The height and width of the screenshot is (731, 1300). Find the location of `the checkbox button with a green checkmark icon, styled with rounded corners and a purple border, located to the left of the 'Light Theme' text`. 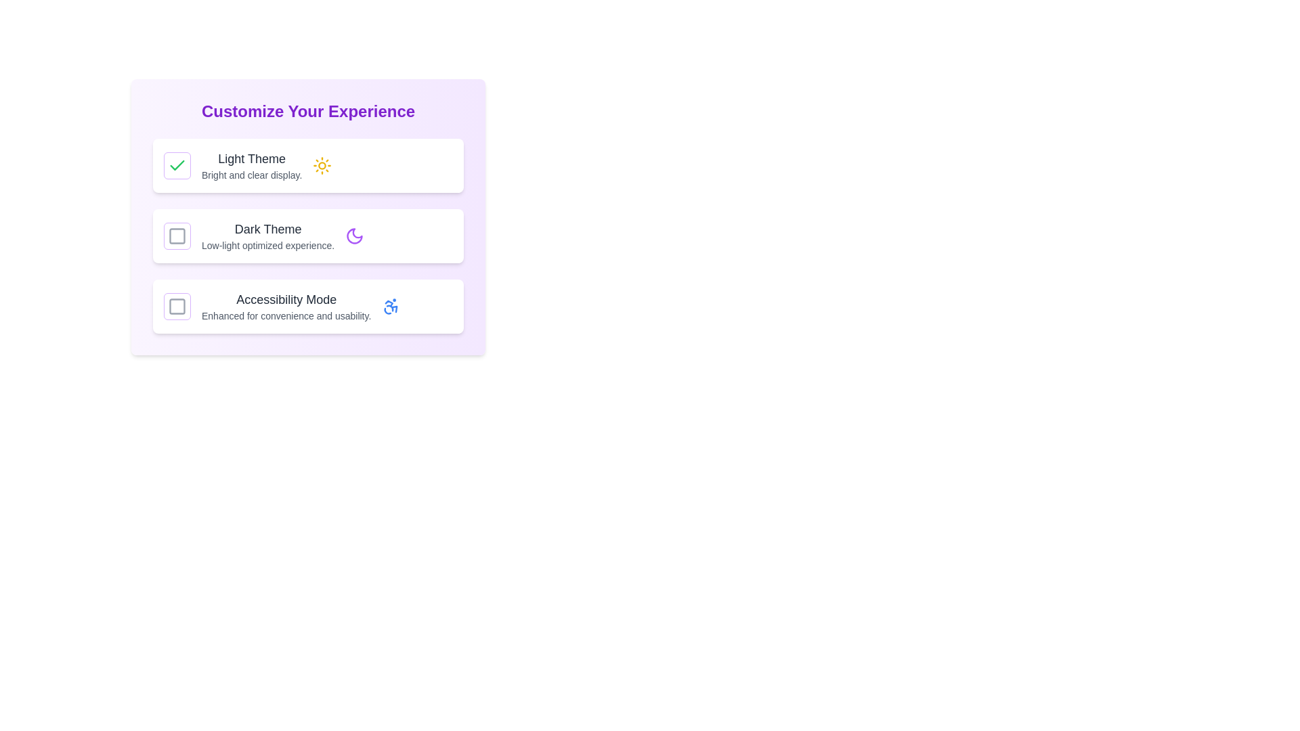

the checkbox button with a green checkmark icon, styled with rounded corners and a purple border, located to the left of the 'Light Theme' text is located at coordinates (177, 165).